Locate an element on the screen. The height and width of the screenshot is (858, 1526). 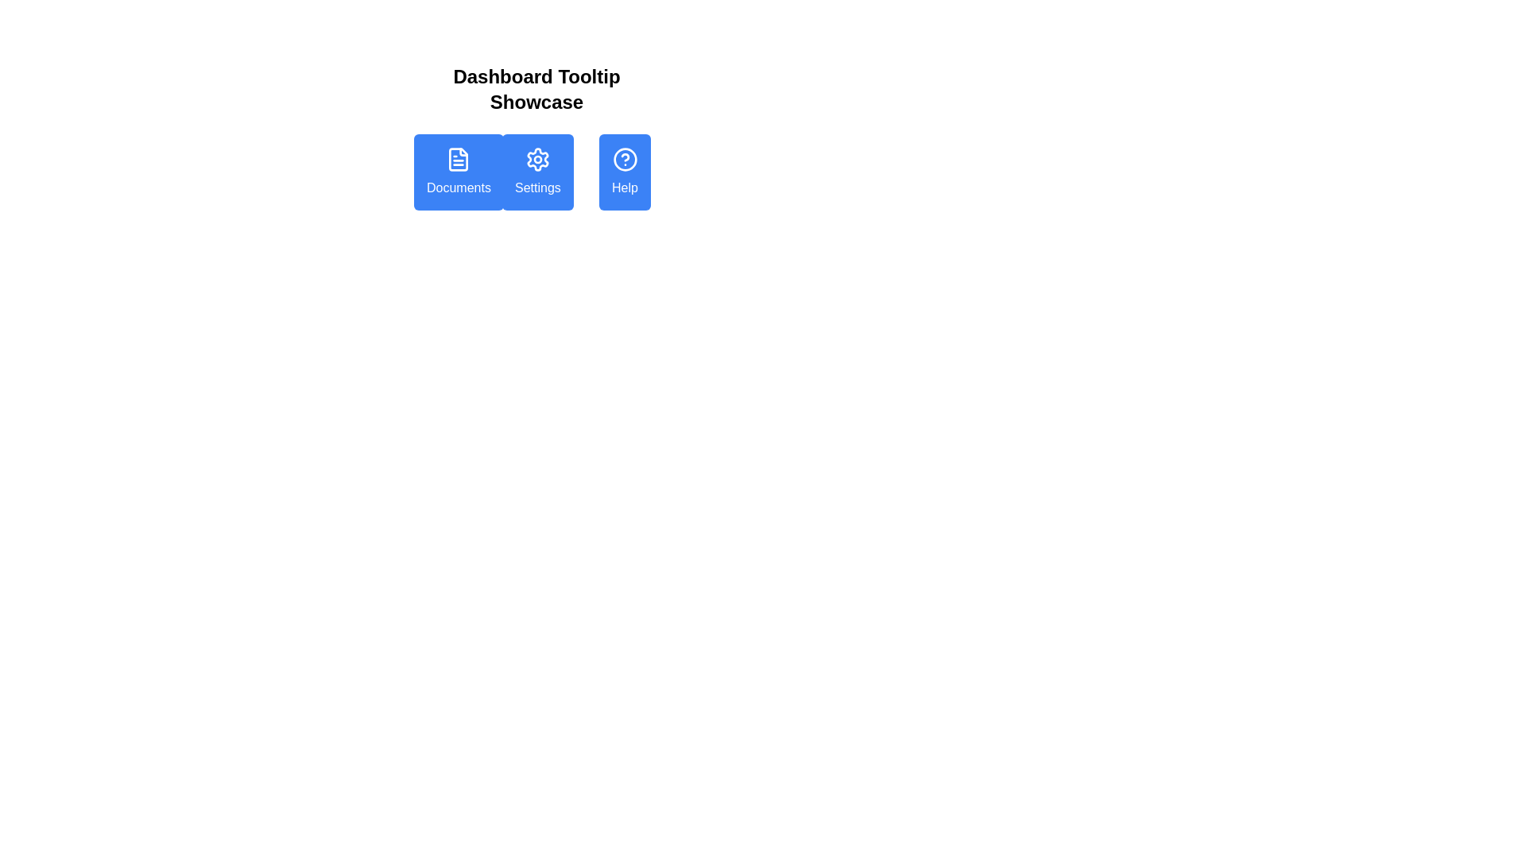
the 'Settings' button with a blue background and a gear icon is located at coordinates (536, 172).